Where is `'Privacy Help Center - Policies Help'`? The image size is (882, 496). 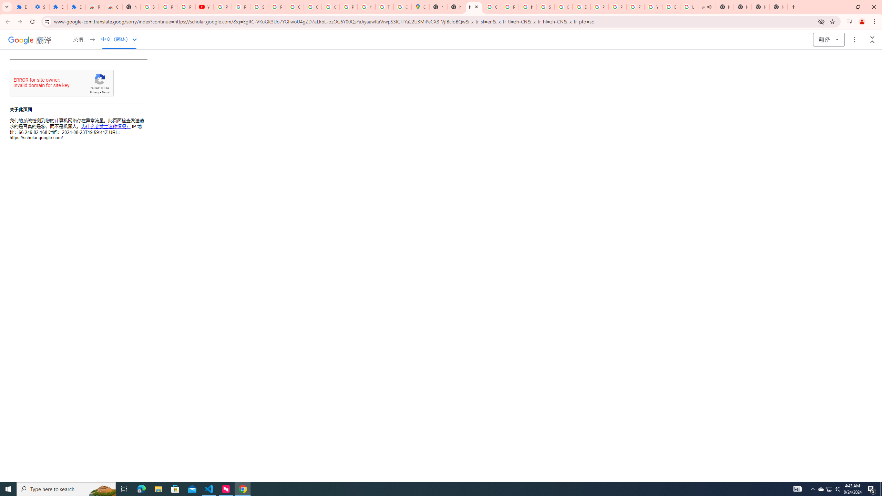 'Privacy Help Center - Policies Help' is located at coordinates (599, 7).